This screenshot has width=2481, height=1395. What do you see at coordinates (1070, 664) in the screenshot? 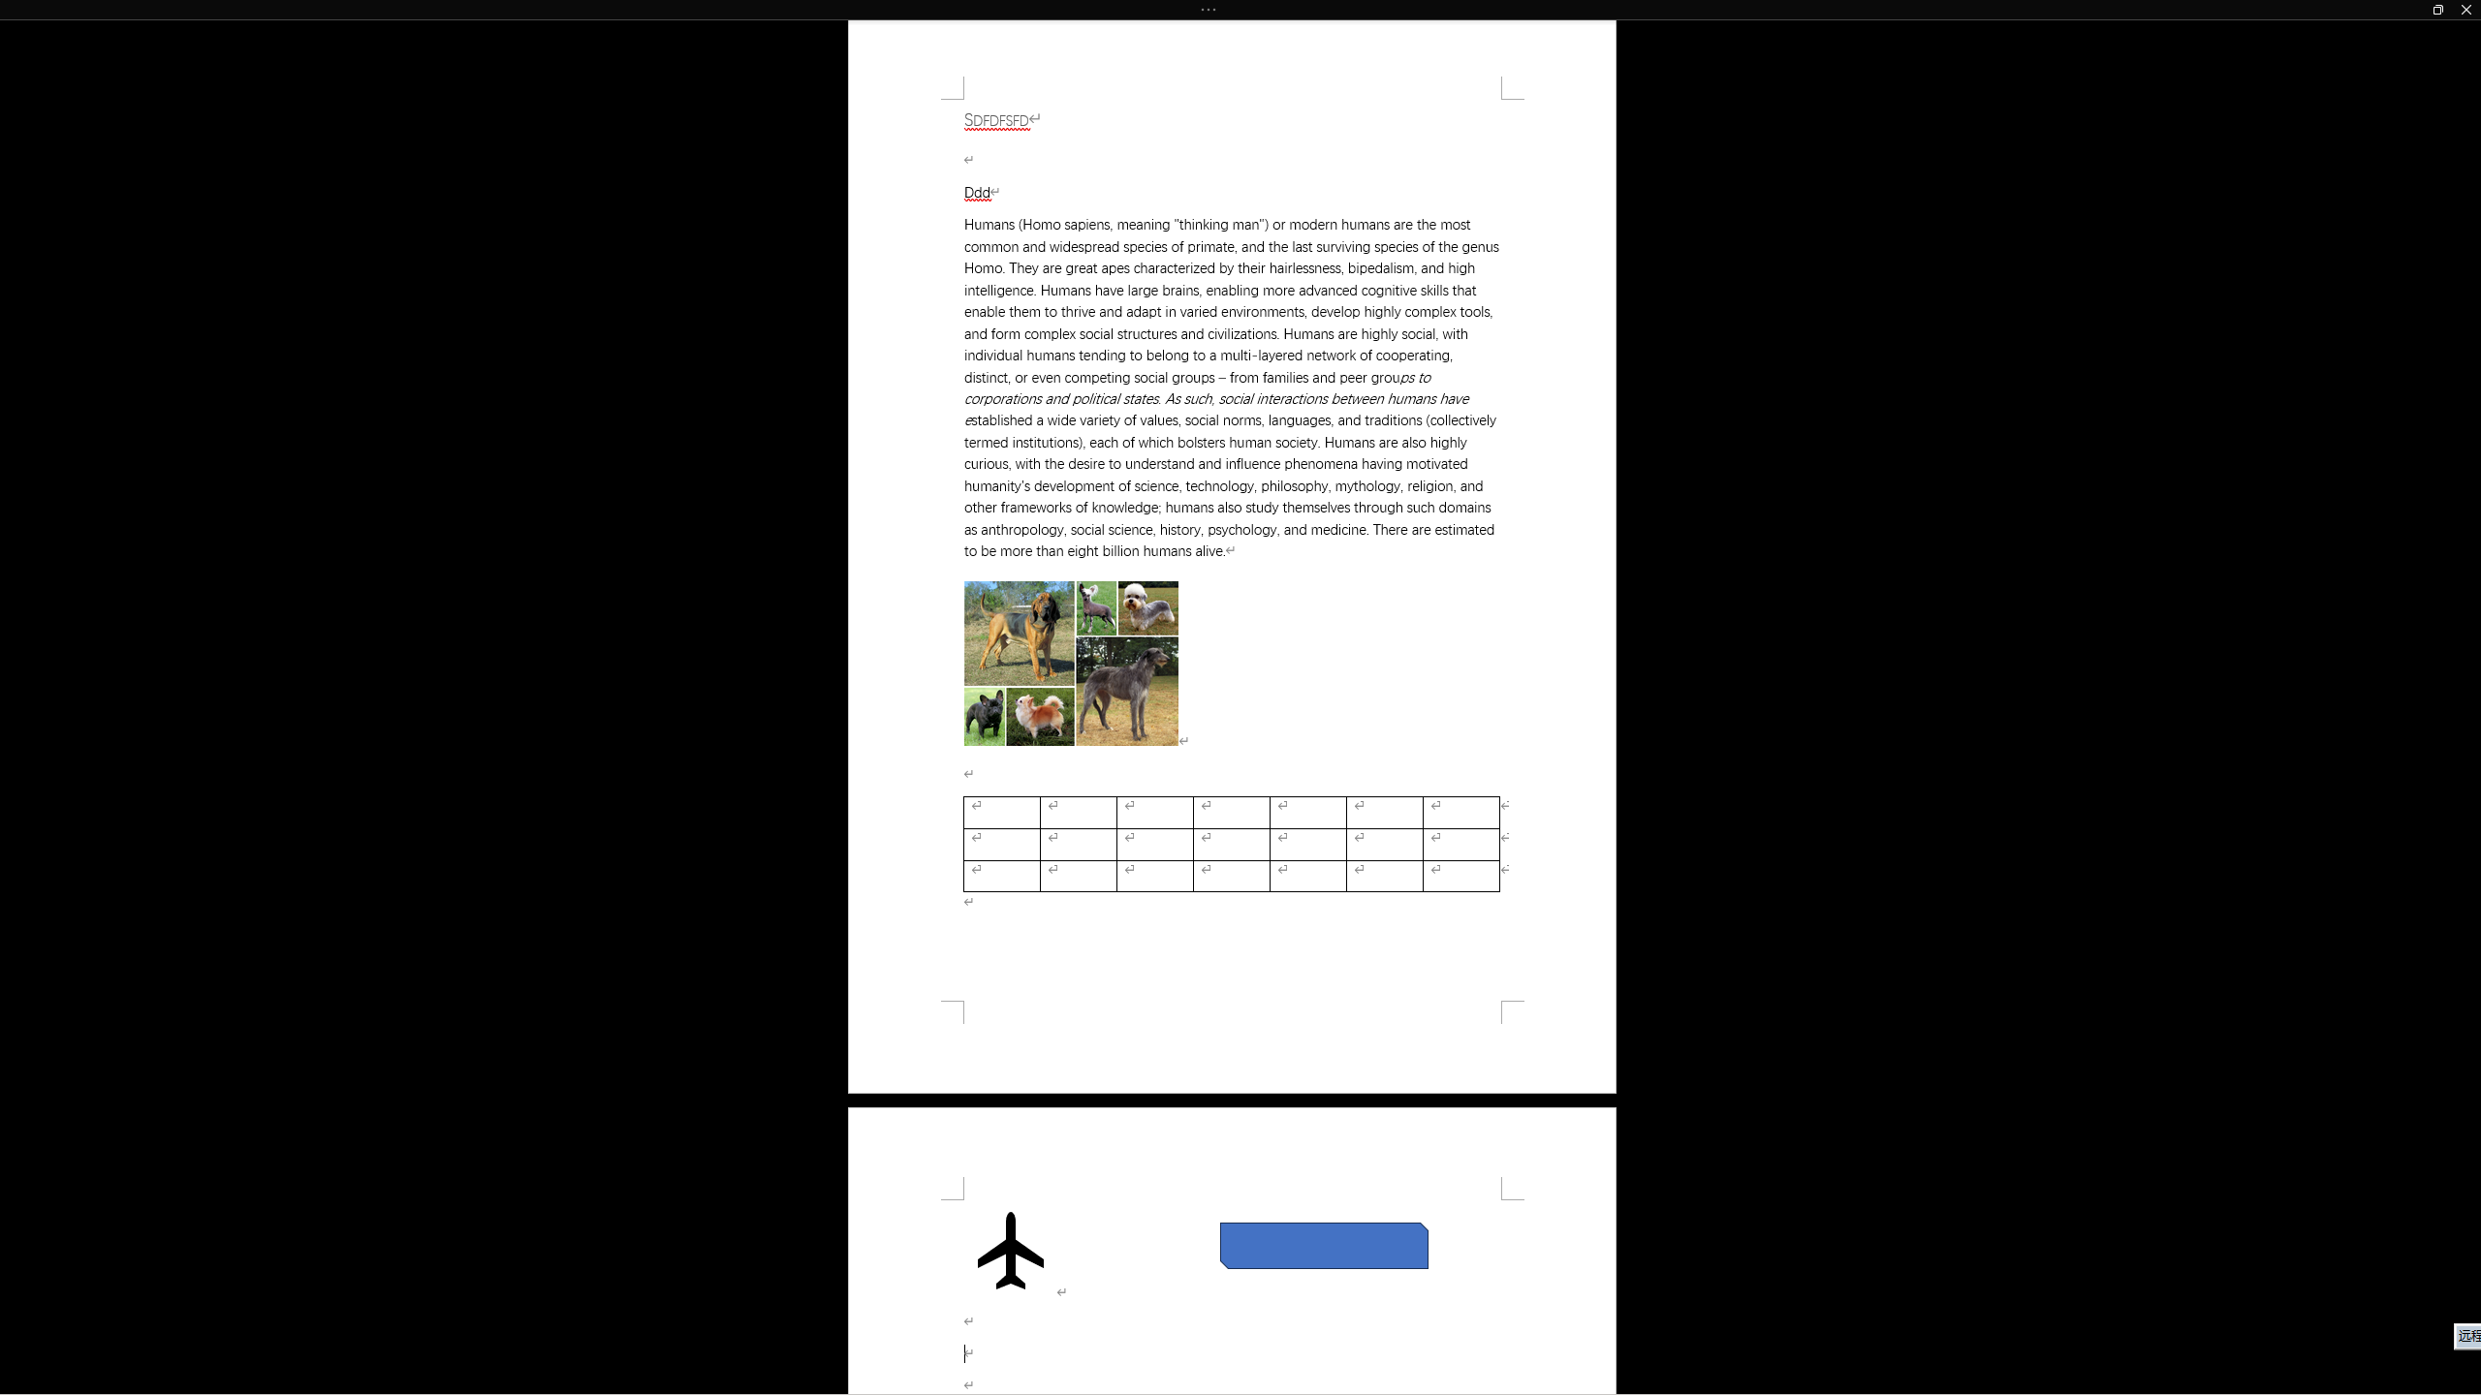
I see `'Morphological variation in six dogs'` at bounding box center [1070, 664].